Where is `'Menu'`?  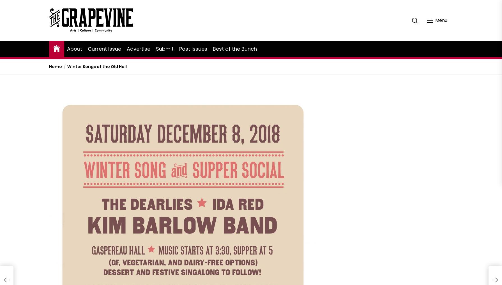
'Menu' is located at coordinates (435, 20).